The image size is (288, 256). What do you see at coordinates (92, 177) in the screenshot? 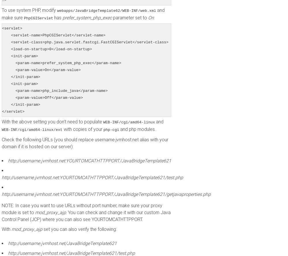
I see `'http://username.jvmhost.net:YOURTOMCATHTTPPORT/JavaBridgeTemplate621/test.php'` at bounding box center [92, 177].